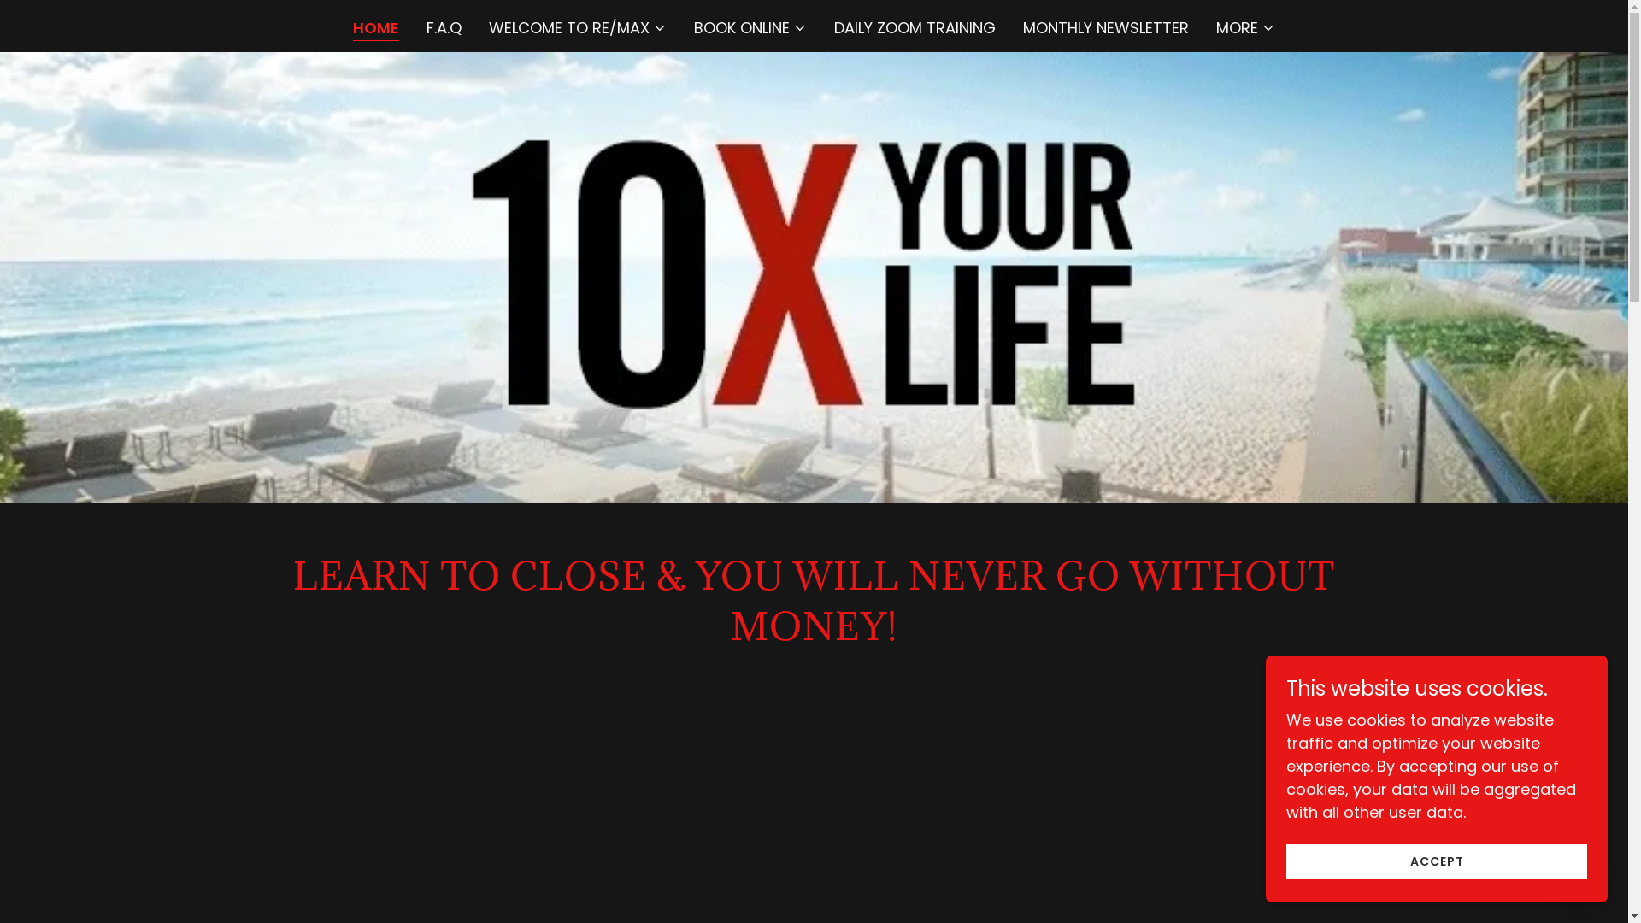  I want to click on 'BOOK ONLINE', so click(750, 28).